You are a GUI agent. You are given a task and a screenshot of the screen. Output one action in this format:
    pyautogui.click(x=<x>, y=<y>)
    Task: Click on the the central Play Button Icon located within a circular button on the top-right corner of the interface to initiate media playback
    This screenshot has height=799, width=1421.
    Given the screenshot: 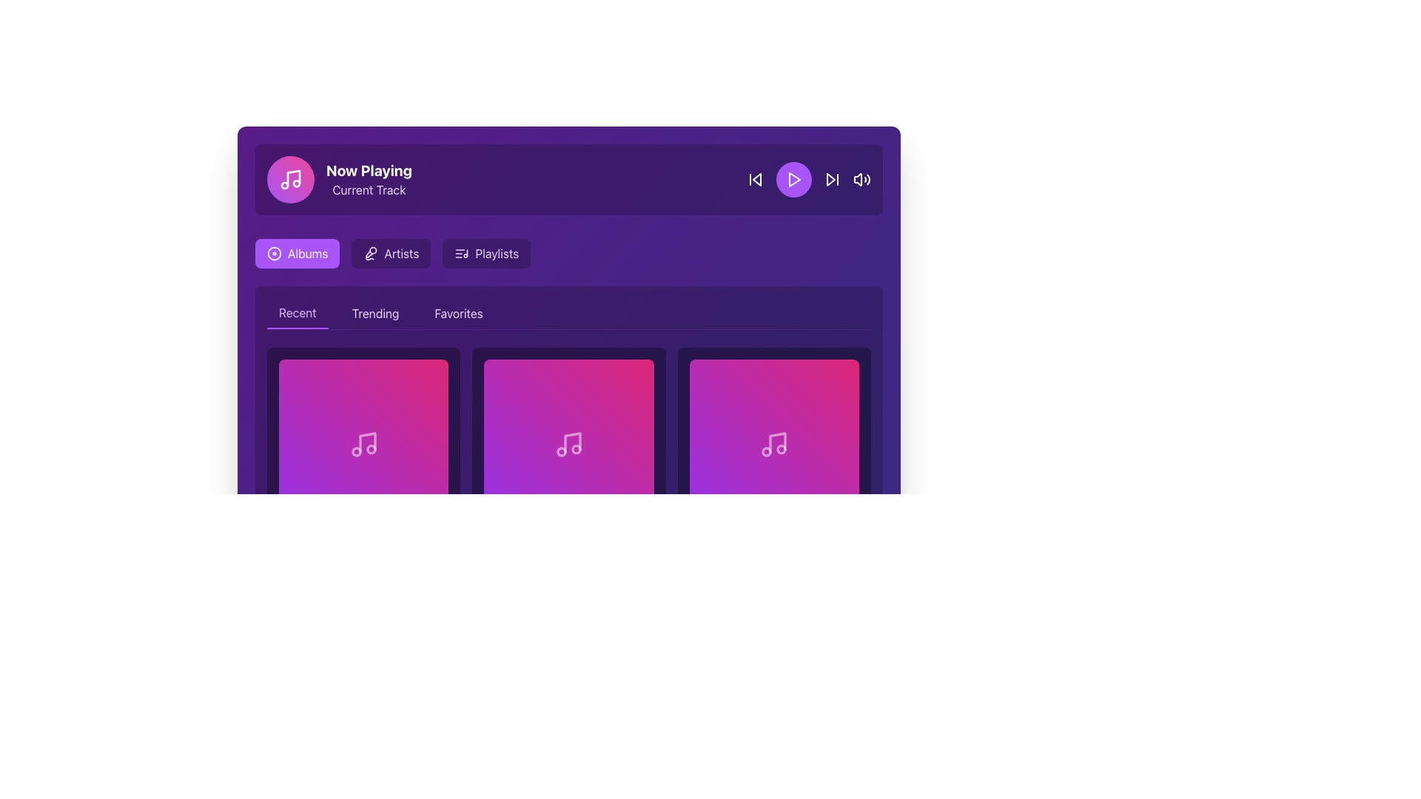 What is the action you would take?
    pyautogui.click(x=793, y=179)
    